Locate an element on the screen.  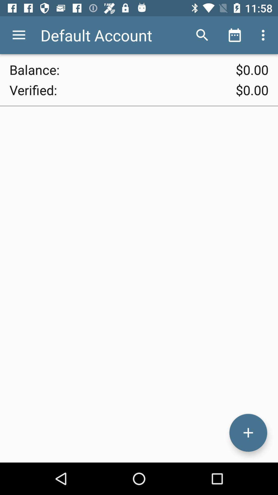
icon above the balance: item is located at coordinates (19, 35).